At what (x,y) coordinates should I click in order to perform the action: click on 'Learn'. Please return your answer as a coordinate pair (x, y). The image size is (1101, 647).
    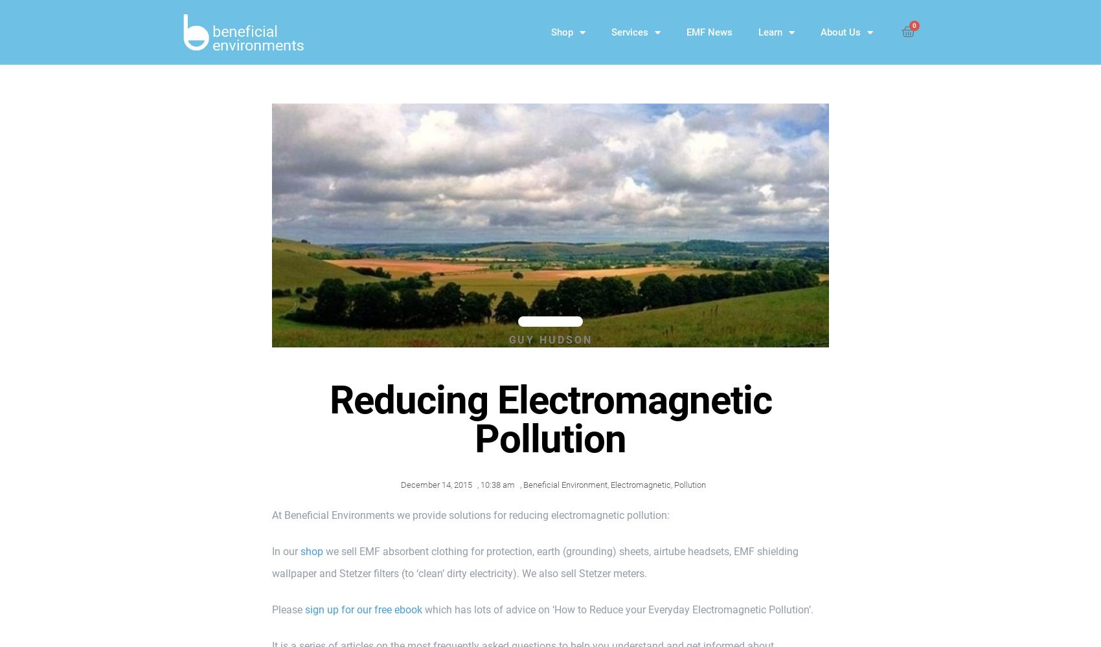
    Looking at the image, I should click on (769, 32).